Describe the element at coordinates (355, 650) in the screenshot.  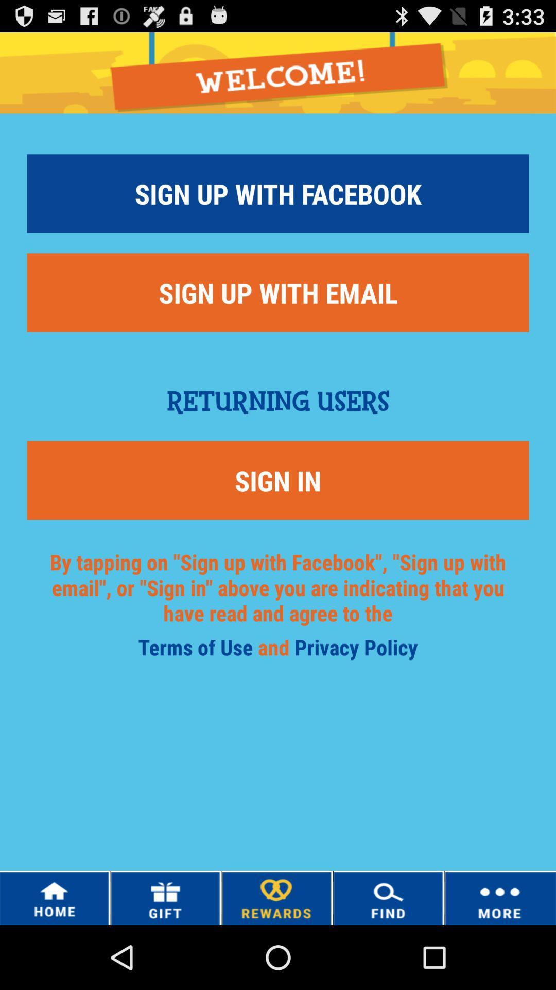
I see `the privacy policy app` at that location.